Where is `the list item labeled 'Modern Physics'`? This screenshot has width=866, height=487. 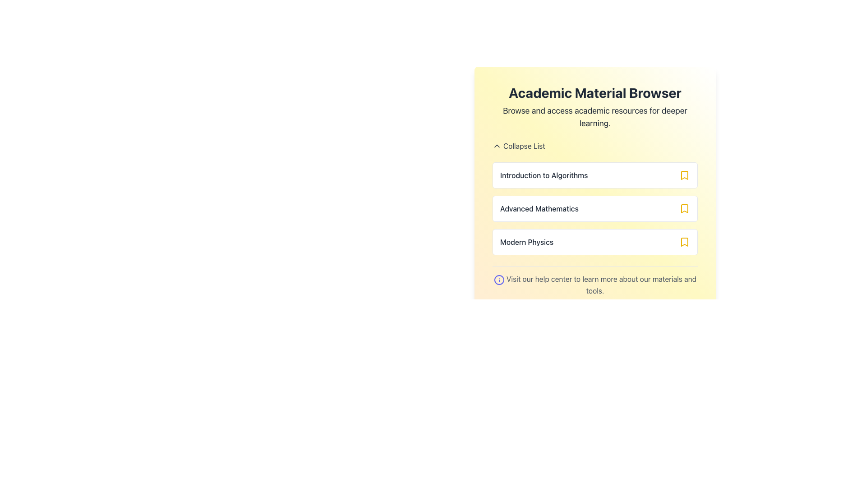 the list item labeled 'Modern Physics' is located at coordinates (595, 241).